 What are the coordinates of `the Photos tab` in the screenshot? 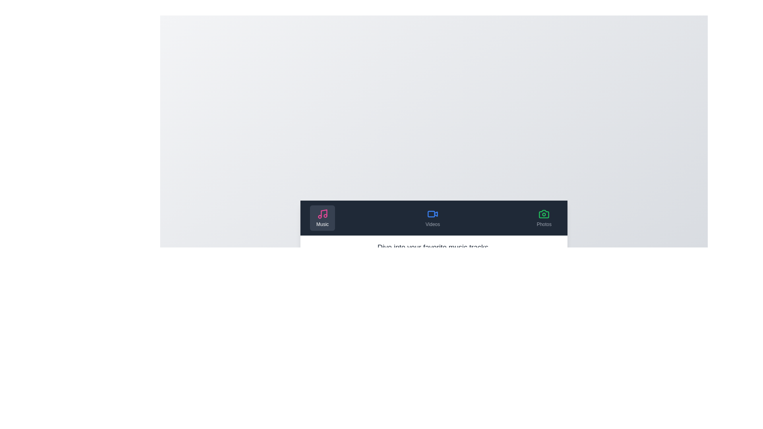 It's located at (543, 218).